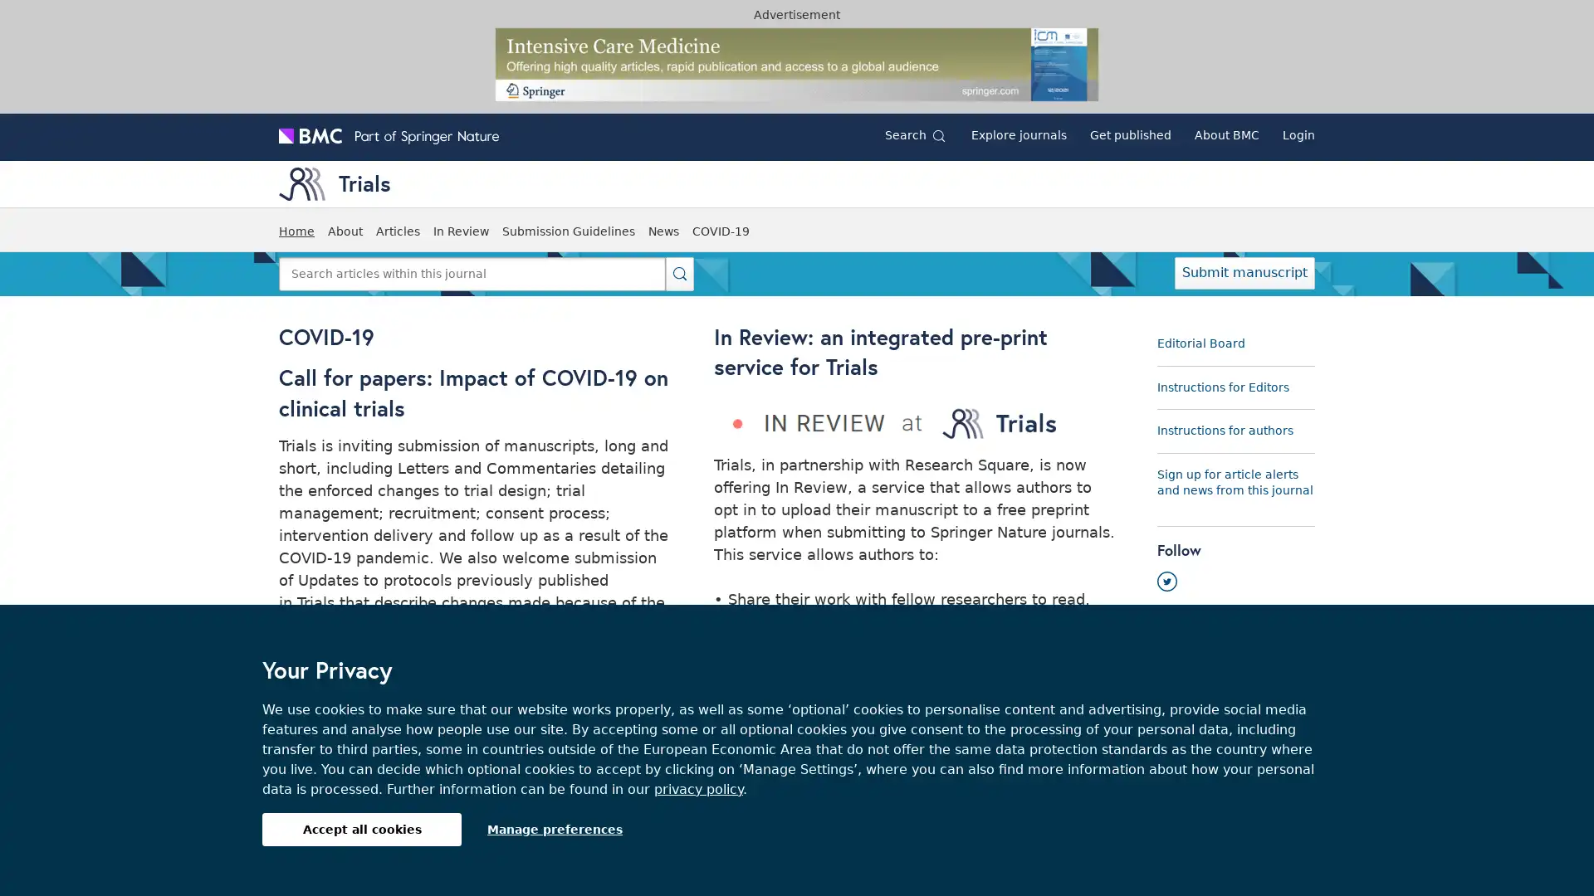 Image resolution: width=1594 pixels, height=896 pixels. What do you see at coordinates (680, 272) in the screenshot?
I see `Search` at bounding box center [680, 272].